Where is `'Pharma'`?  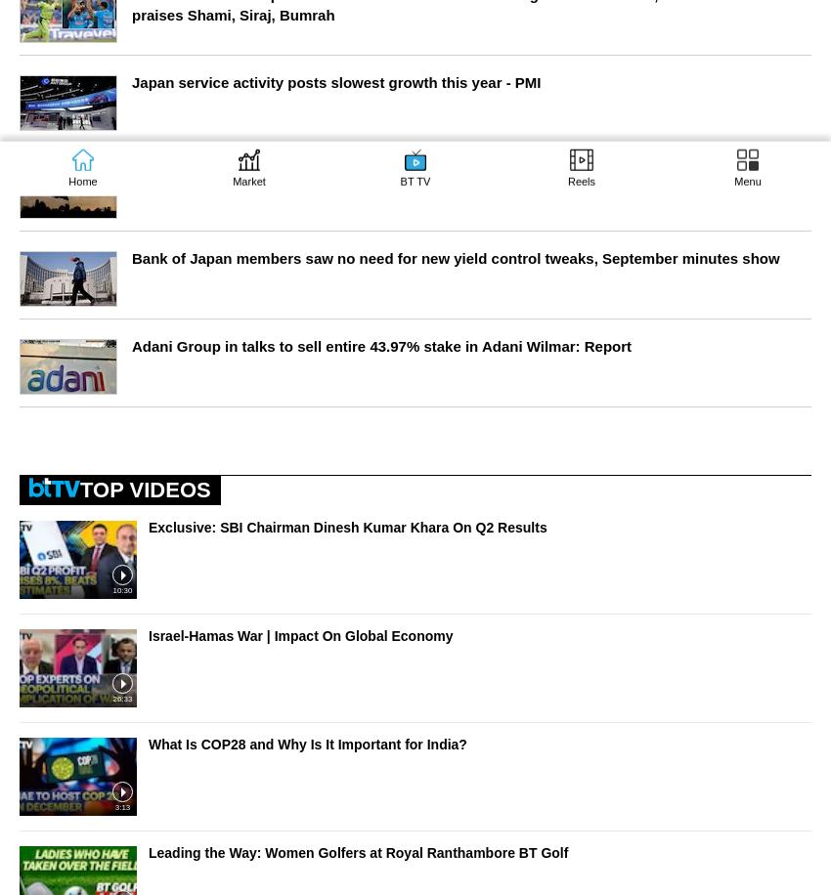
'Pharma' is located at coordinates (428, 488).